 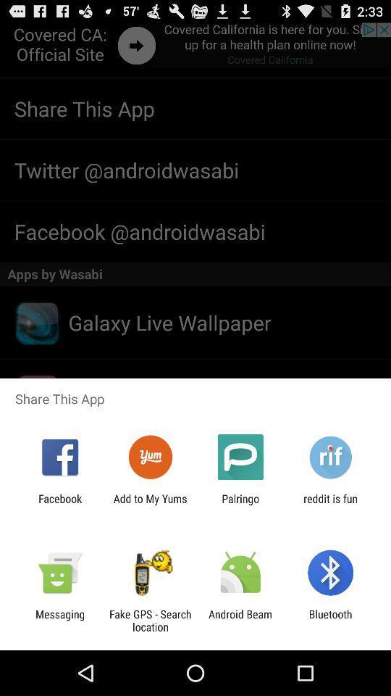 I want to click on icon to the left of palringo icon, so click(x=149, y=505).